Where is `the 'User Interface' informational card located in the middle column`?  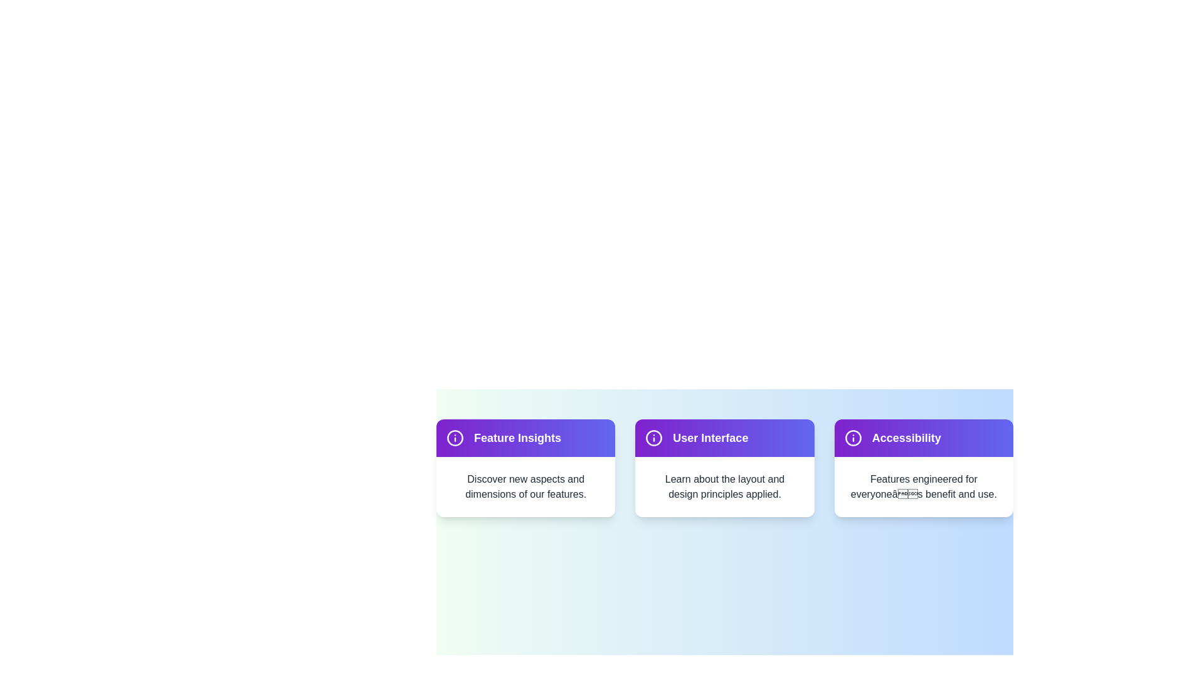
the 'User Interface' informational card located in the middle column is located at coordinates (725, 468).